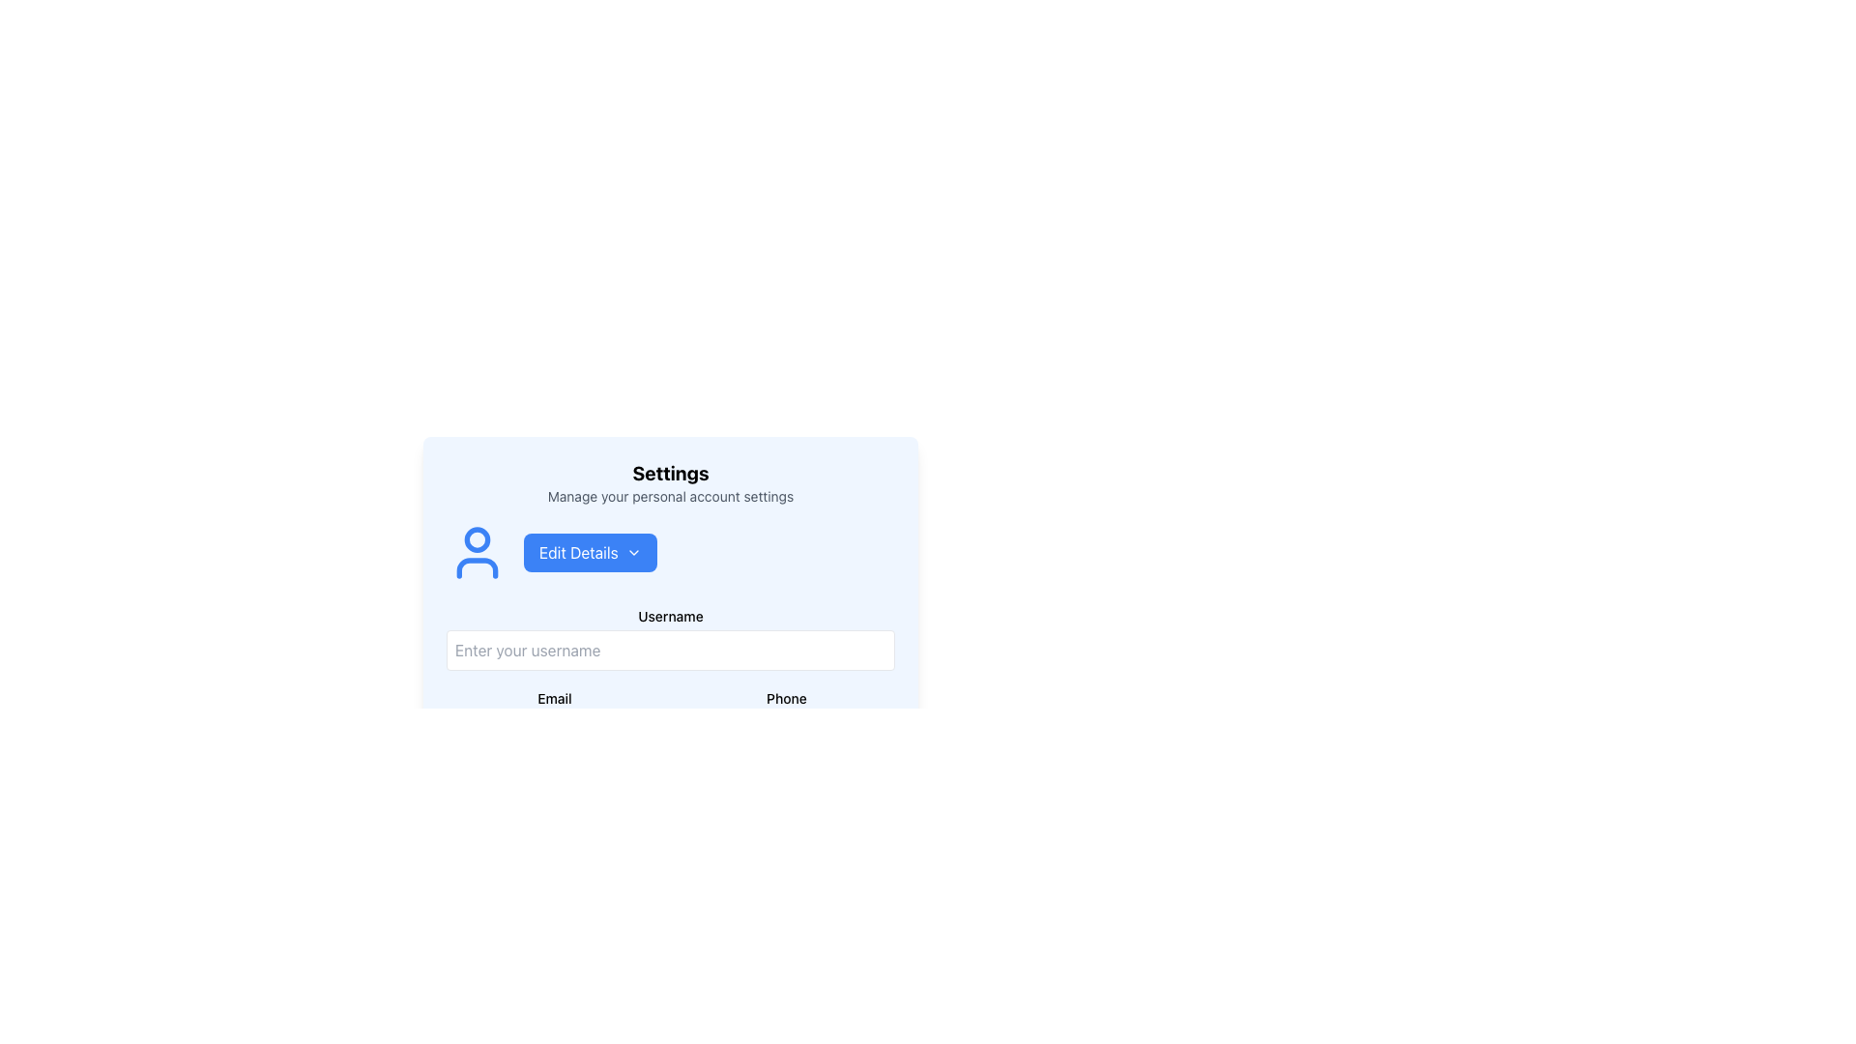 The height and width of the screenshot is (1044, 1856). What do you see at coordinates (633, 552) in the screenshot?
I see `the expandable icon located inside the 'Edit Details' button in the 'Settings' card` at bounding box center [633, 552].